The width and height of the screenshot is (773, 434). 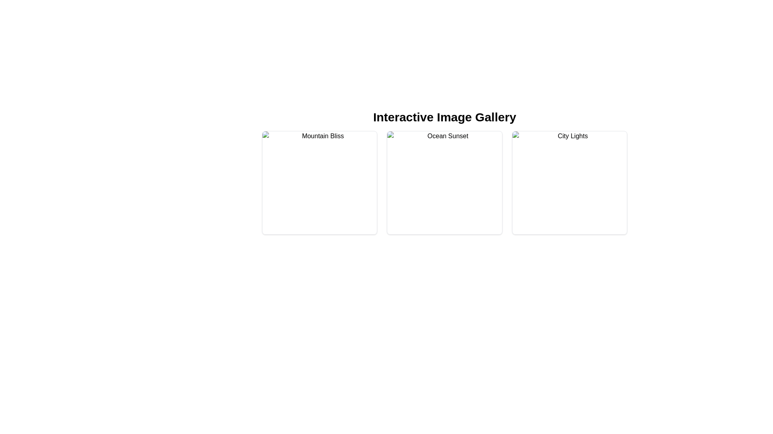 I want to click on the image labeled 'City Lights' in the rightmost card, so click(x=569, y=183).